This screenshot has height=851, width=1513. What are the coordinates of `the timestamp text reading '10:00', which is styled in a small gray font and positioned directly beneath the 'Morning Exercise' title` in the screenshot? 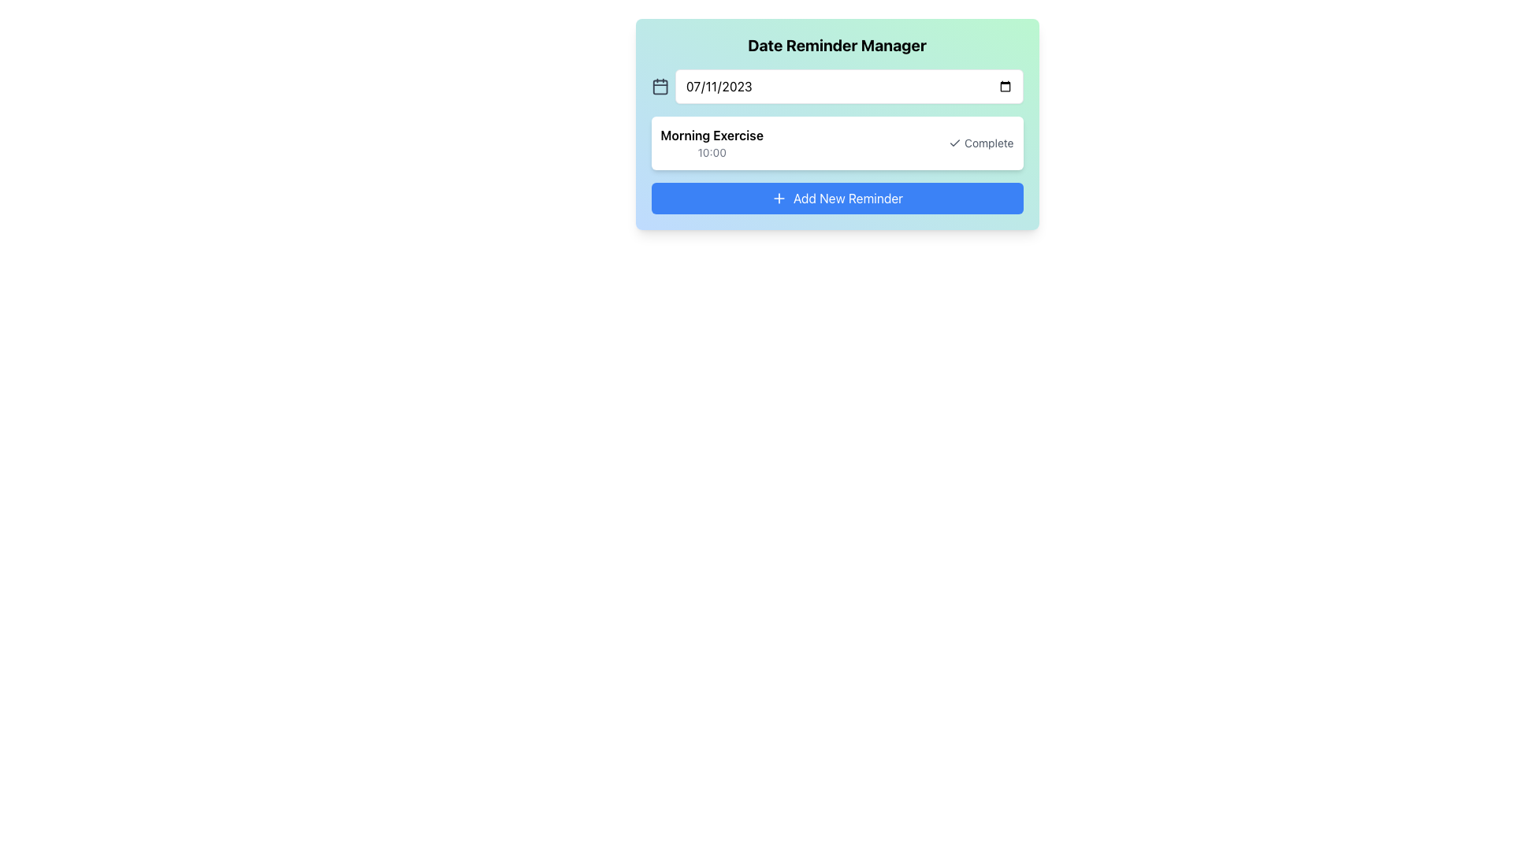 It's located at (711, 152).